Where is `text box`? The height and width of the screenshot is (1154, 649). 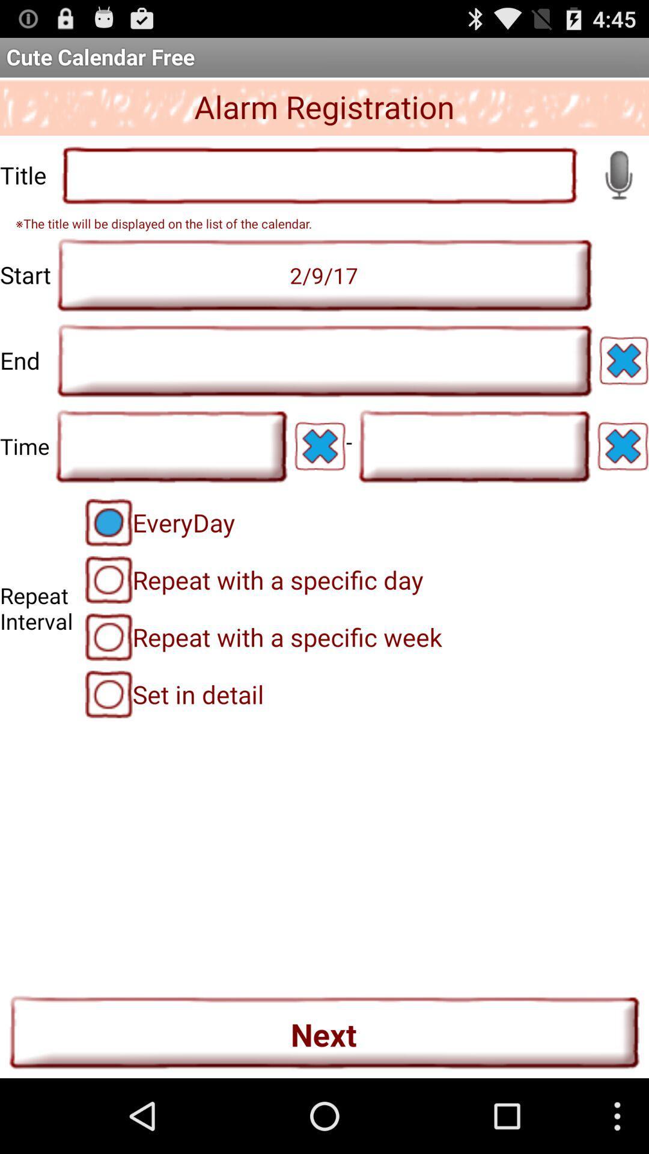
text box is located at coordinates (474, 445).